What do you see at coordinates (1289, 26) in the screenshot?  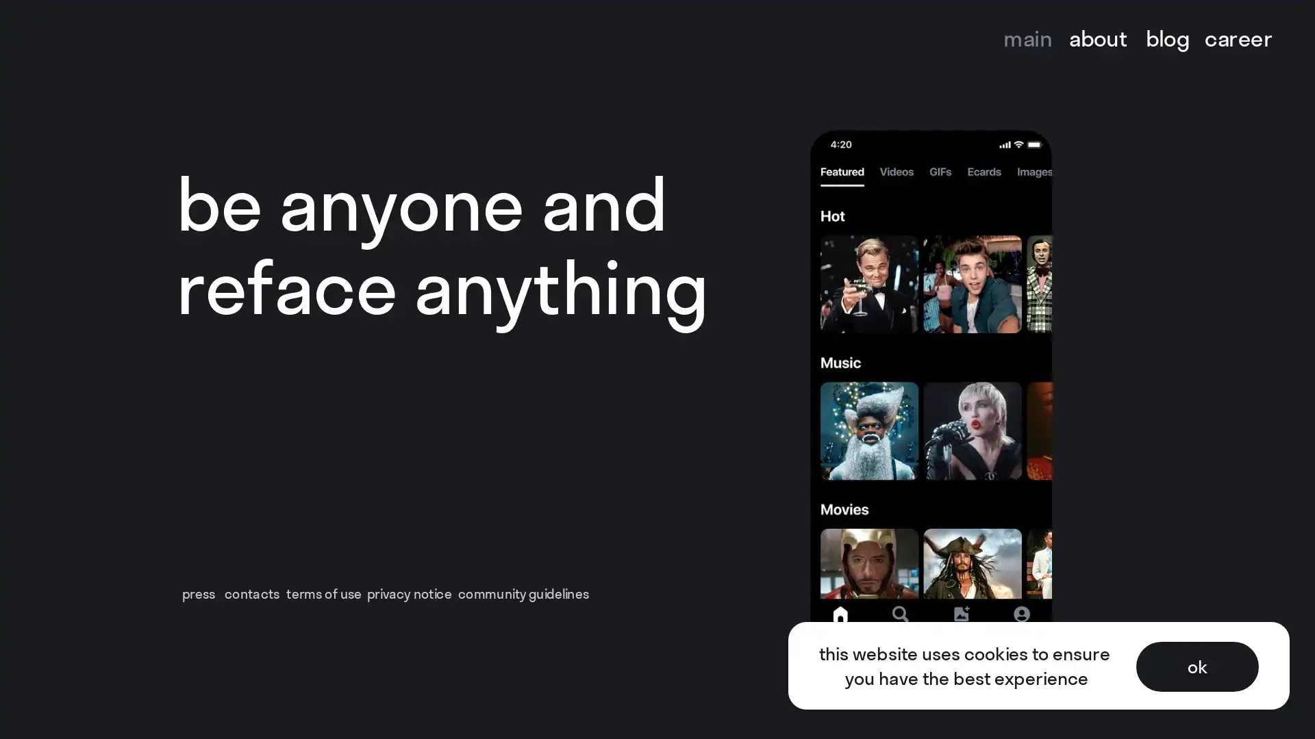 I see `Close` at bounding box center [1289, 26].